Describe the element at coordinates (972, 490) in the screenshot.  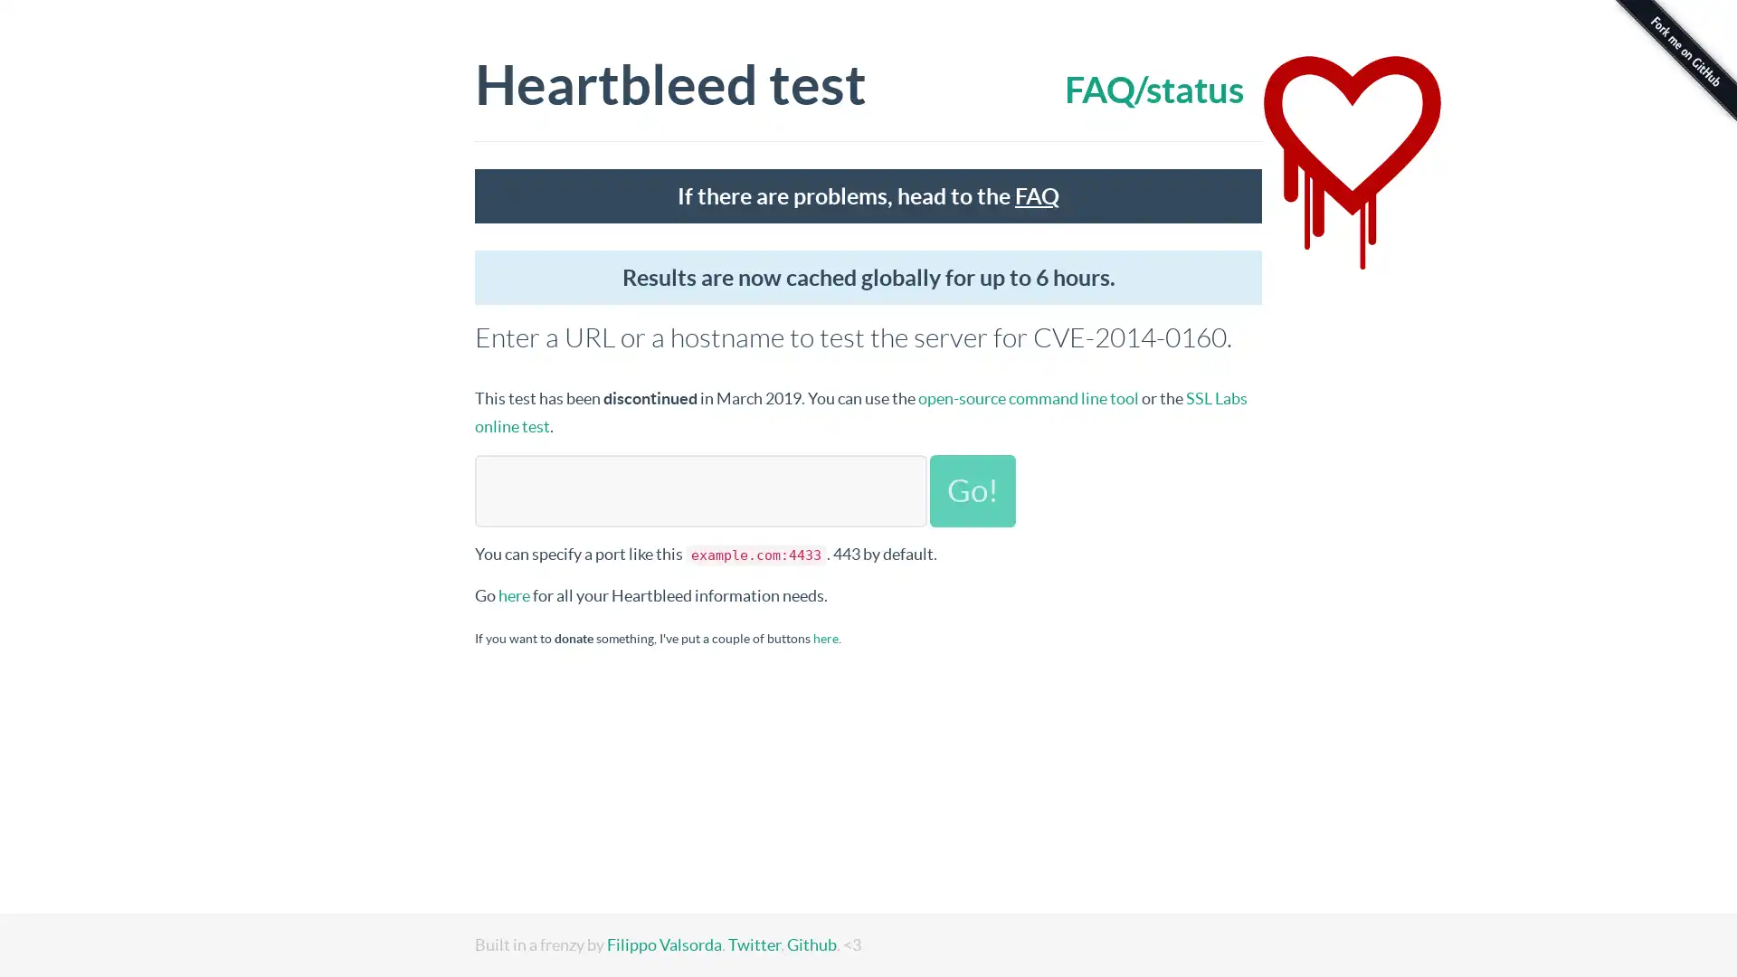
I see `Go!` at that location.